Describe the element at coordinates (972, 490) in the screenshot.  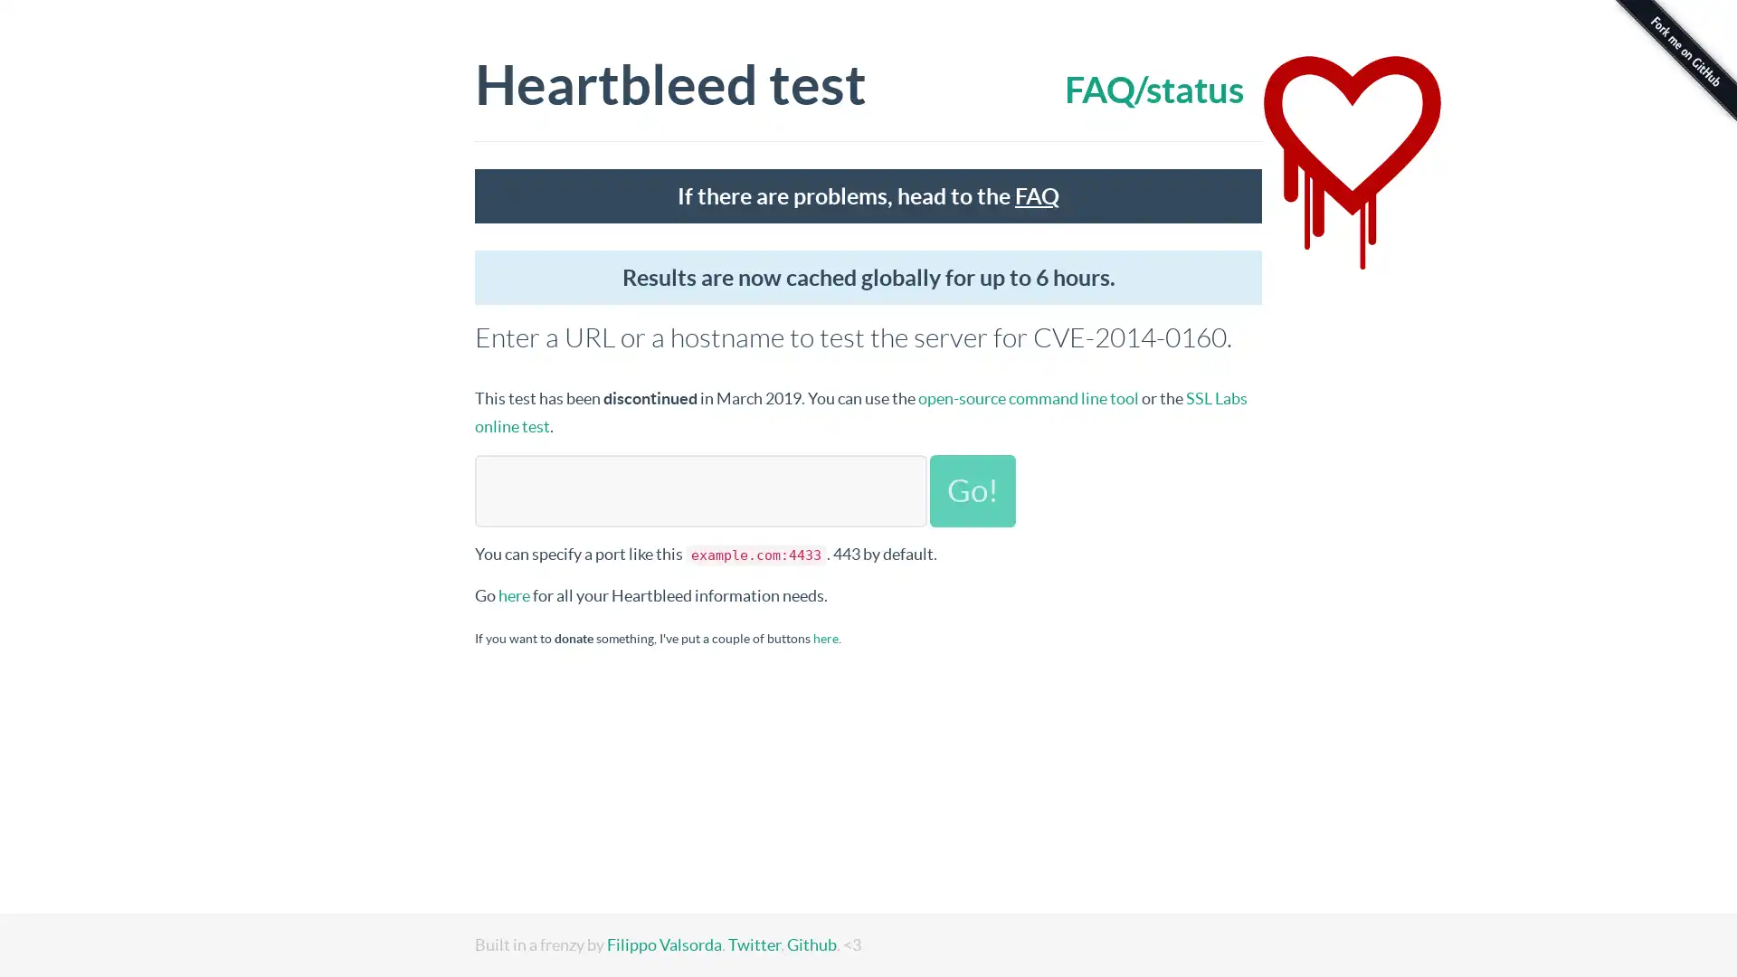
I see `Go!` at that location.